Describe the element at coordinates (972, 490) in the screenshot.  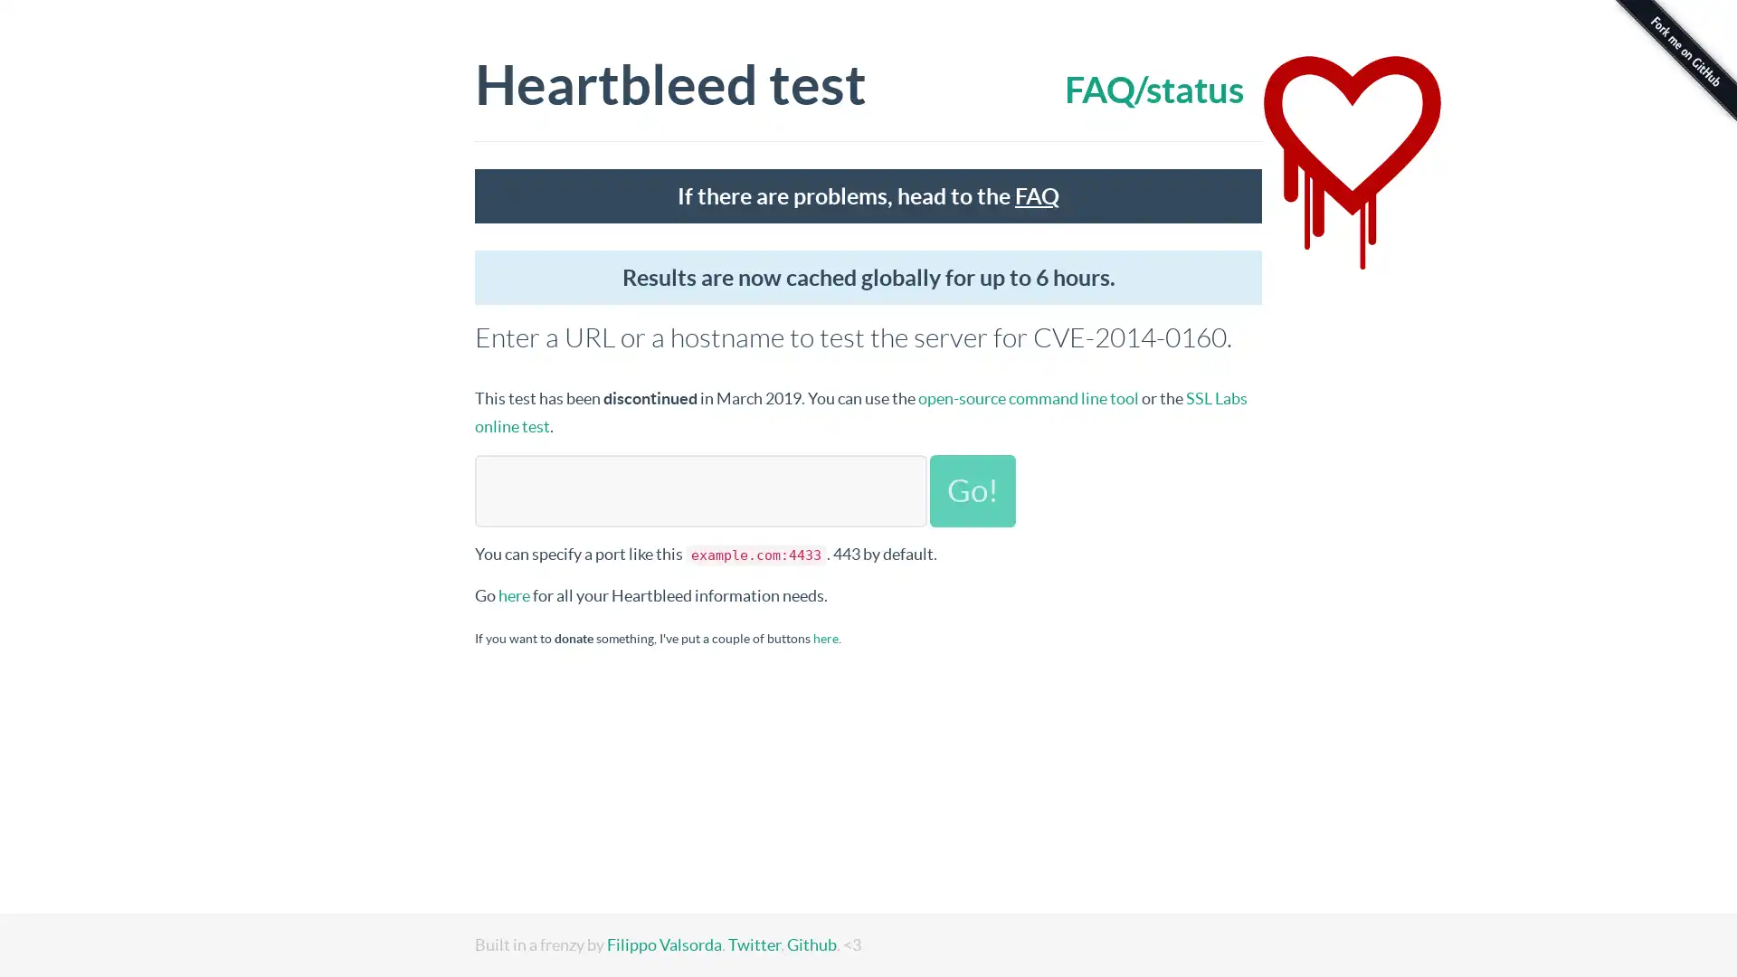
I see `Go!` at that location.